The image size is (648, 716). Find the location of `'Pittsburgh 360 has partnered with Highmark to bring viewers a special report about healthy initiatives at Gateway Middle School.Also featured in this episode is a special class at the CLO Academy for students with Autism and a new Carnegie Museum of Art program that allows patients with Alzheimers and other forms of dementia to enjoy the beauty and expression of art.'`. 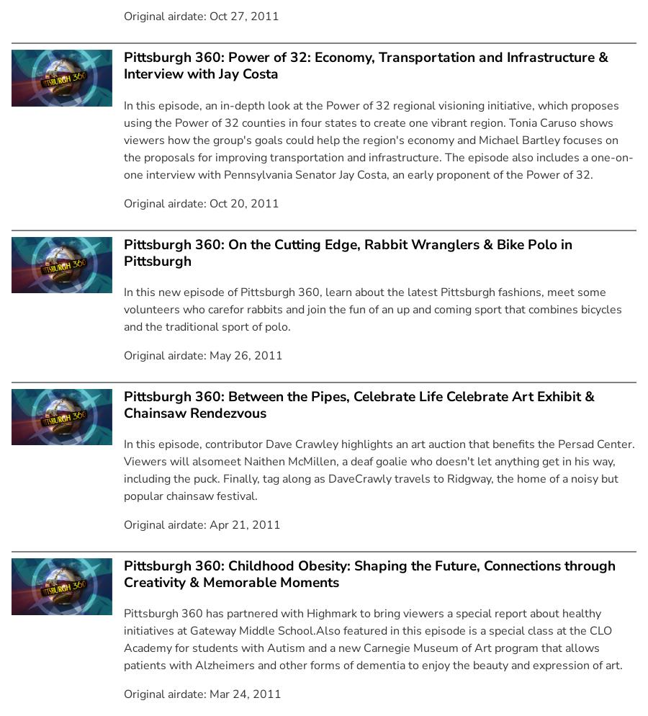

'Pittsburgh 360 has partnered with Highmark to bring viewers a special report about healthy initiatives at Gateway Middle School.Also featured in this episode is a special class at the CLO Academy for students with Autism and a new Carnegie Museum of Art program that allows patients with Alzheimers and other forms of dementia to enjoy the beauty and expression of art.' is located at coordinates (372, 640).